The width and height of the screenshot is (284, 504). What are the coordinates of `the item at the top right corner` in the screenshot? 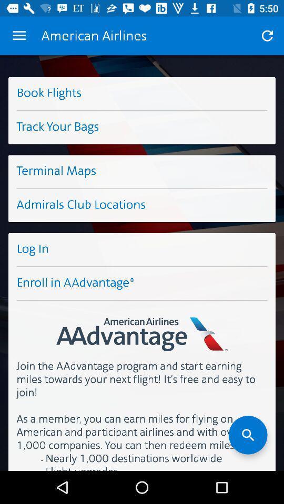 It's located at (267, 36).